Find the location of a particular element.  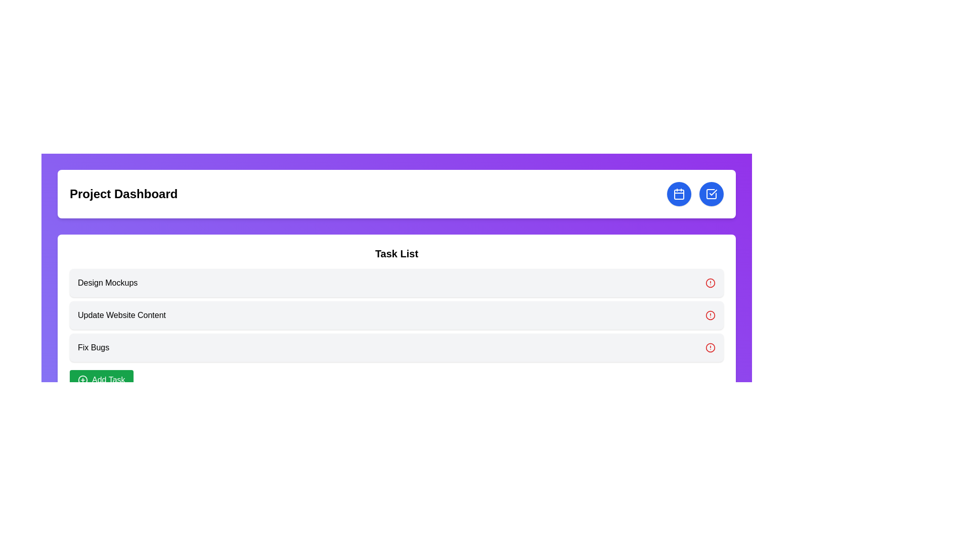

the 'Add Task' text label located within a green button at the bottom-left corner of the task list section is located at coordinates (108, 380).